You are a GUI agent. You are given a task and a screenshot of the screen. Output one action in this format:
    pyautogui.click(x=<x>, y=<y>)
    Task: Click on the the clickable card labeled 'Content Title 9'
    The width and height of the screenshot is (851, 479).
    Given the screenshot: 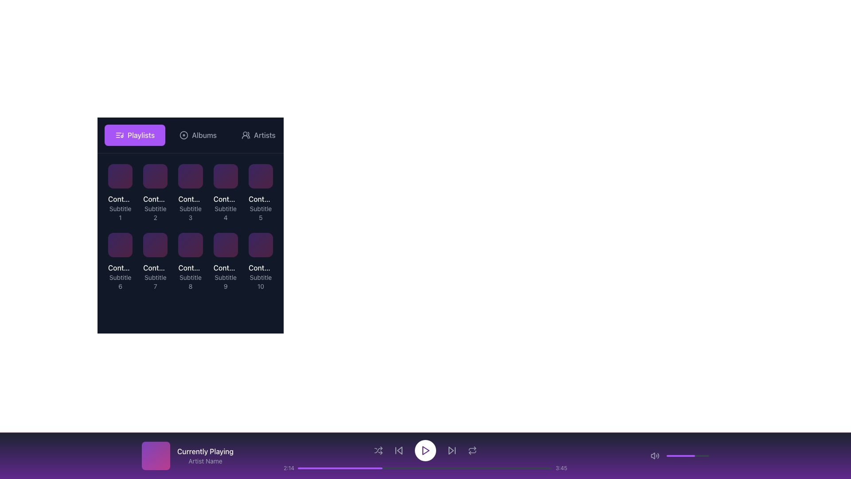 What is the action you would take?
    pyautogui.click(x=226, y=261)
    